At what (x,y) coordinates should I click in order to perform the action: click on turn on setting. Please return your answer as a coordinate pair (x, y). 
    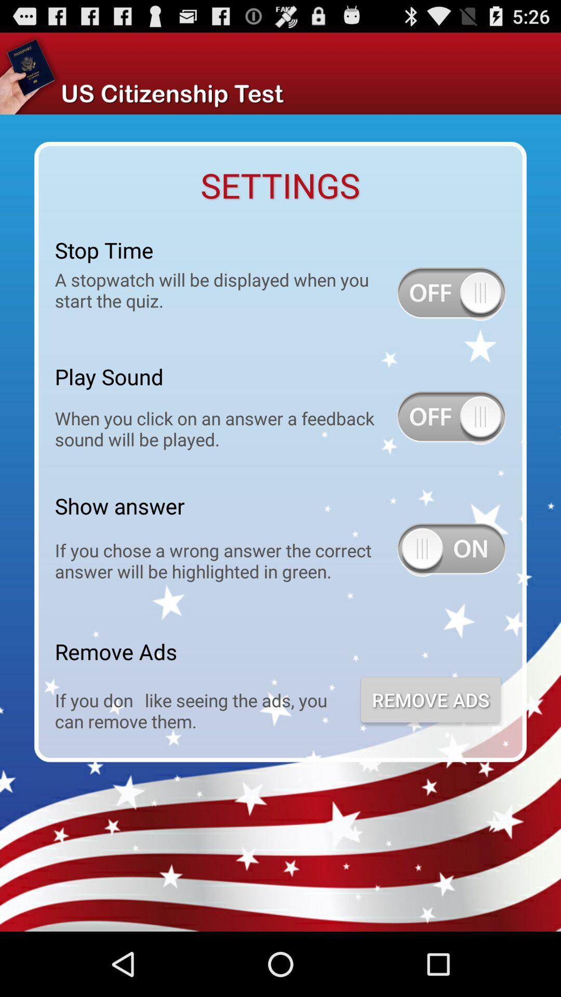
    Looking at the image, I should click on (451, 293).